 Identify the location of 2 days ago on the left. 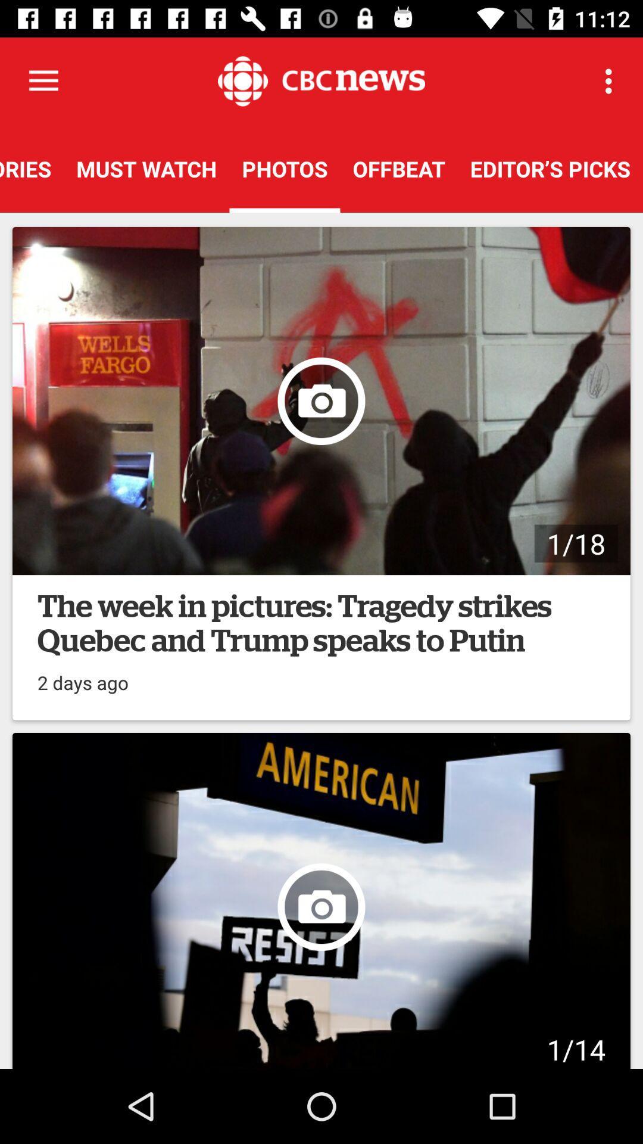
(82, 676).